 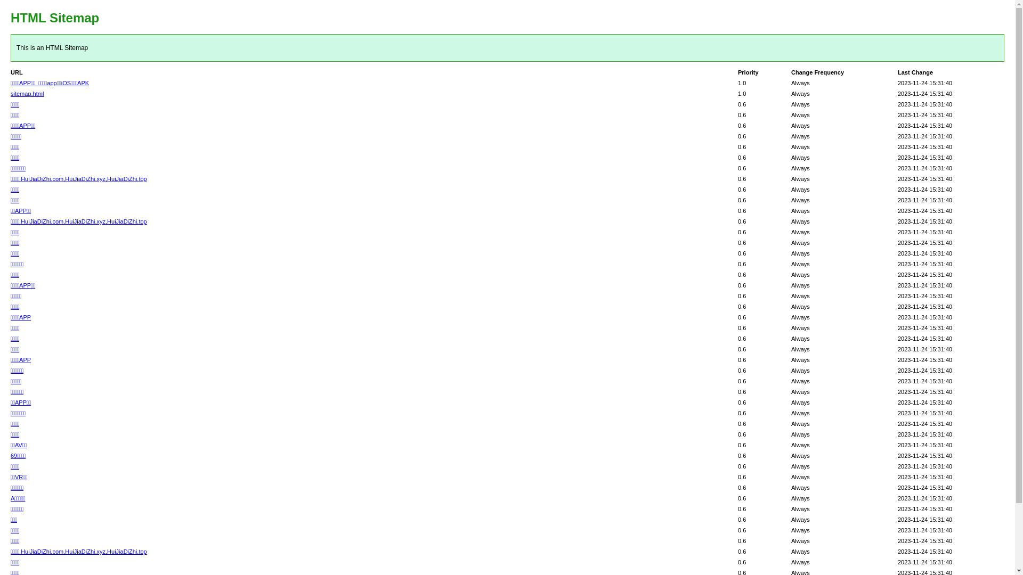 I want to click on 'sitemap.html', so click(x=27, y=93).